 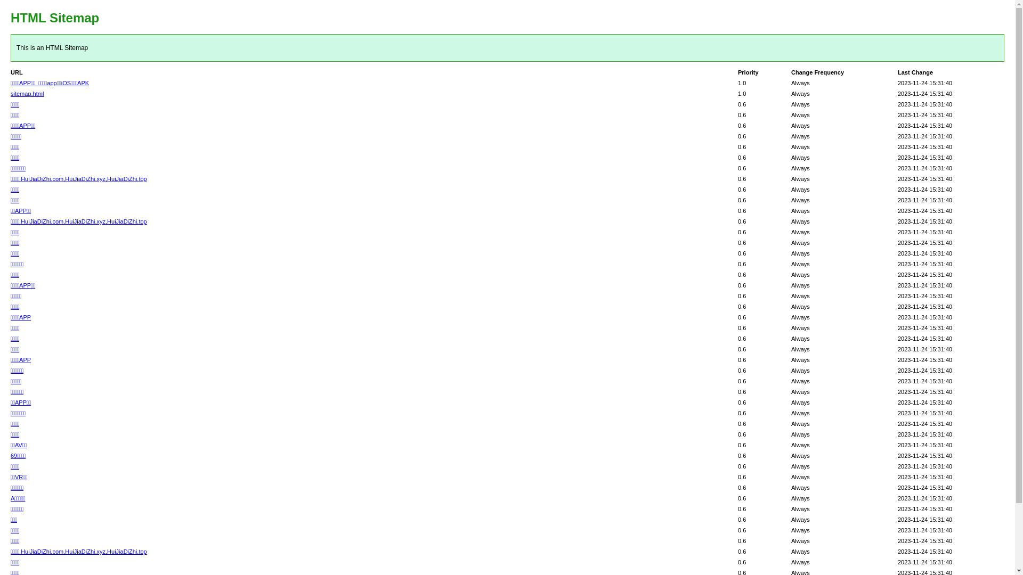 I want to click on 'sitemap.html', so click(x=27, y=93).